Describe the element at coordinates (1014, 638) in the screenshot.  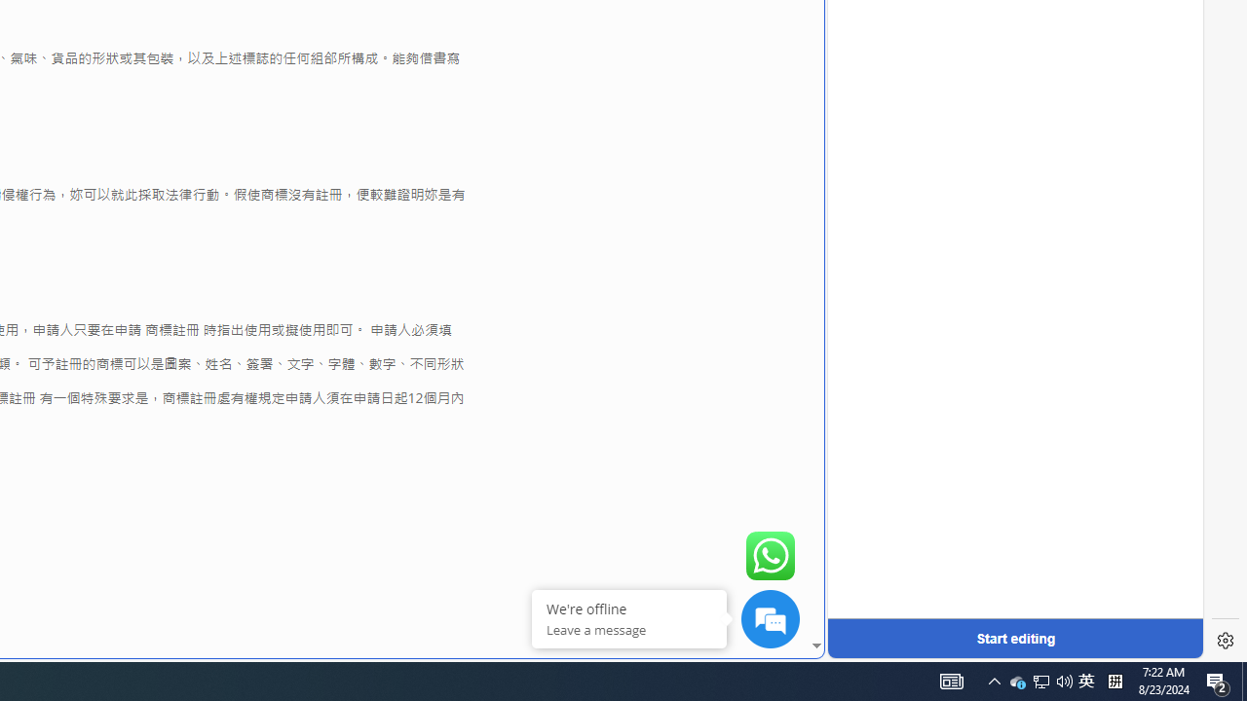
I see `'Start editing'` at that location.